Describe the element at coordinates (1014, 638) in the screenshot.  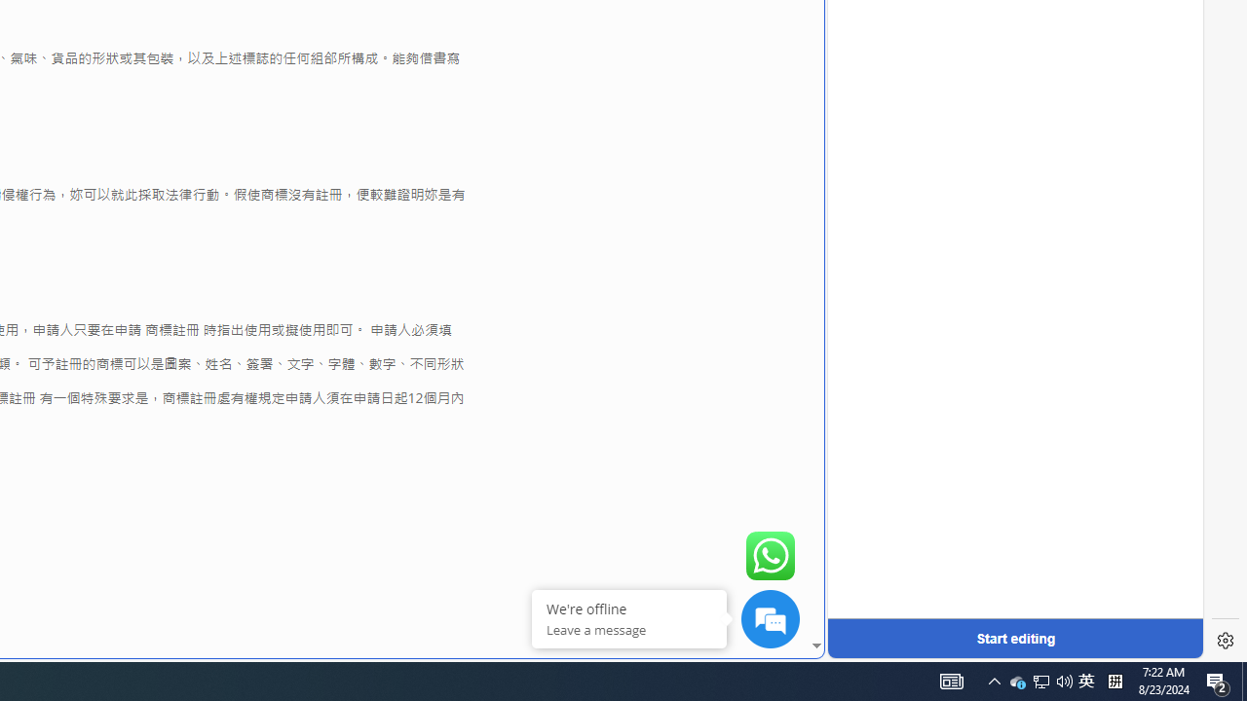
I see `'Start editing'` at that location.